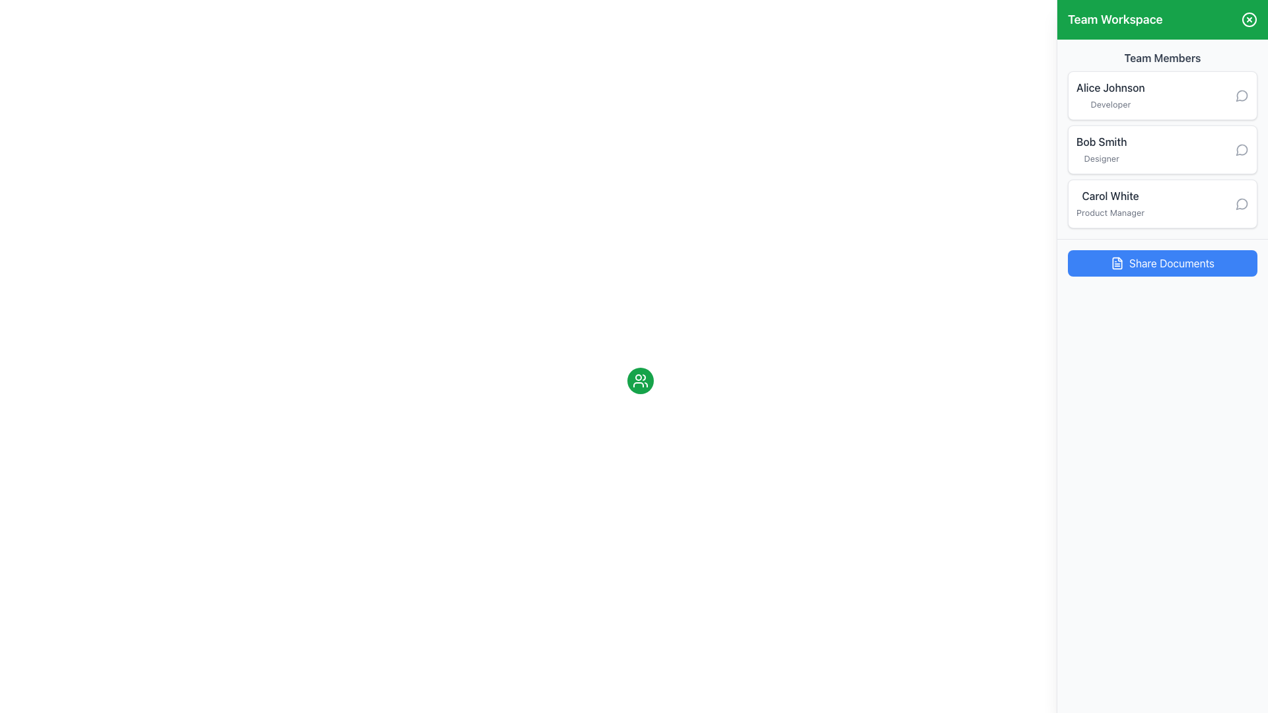 This screenshot has height=713, width=1268. I want to click on the Text Label that identifies the role or position of 'Carol White' within the 'Team Members' panel, located directly below the text 'Carol White', so click(1109, 212).